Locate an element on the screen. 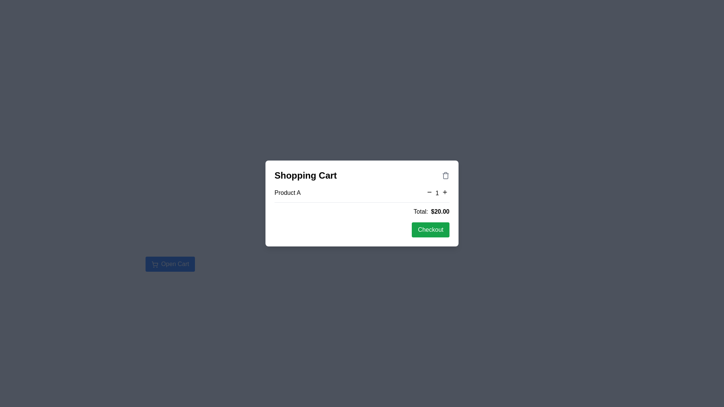 This screenshot has height=407, width=724. the blue button labeled 'Open Cart' which contains the shopping cart icon on its left side is located at coordinates (154, 264).